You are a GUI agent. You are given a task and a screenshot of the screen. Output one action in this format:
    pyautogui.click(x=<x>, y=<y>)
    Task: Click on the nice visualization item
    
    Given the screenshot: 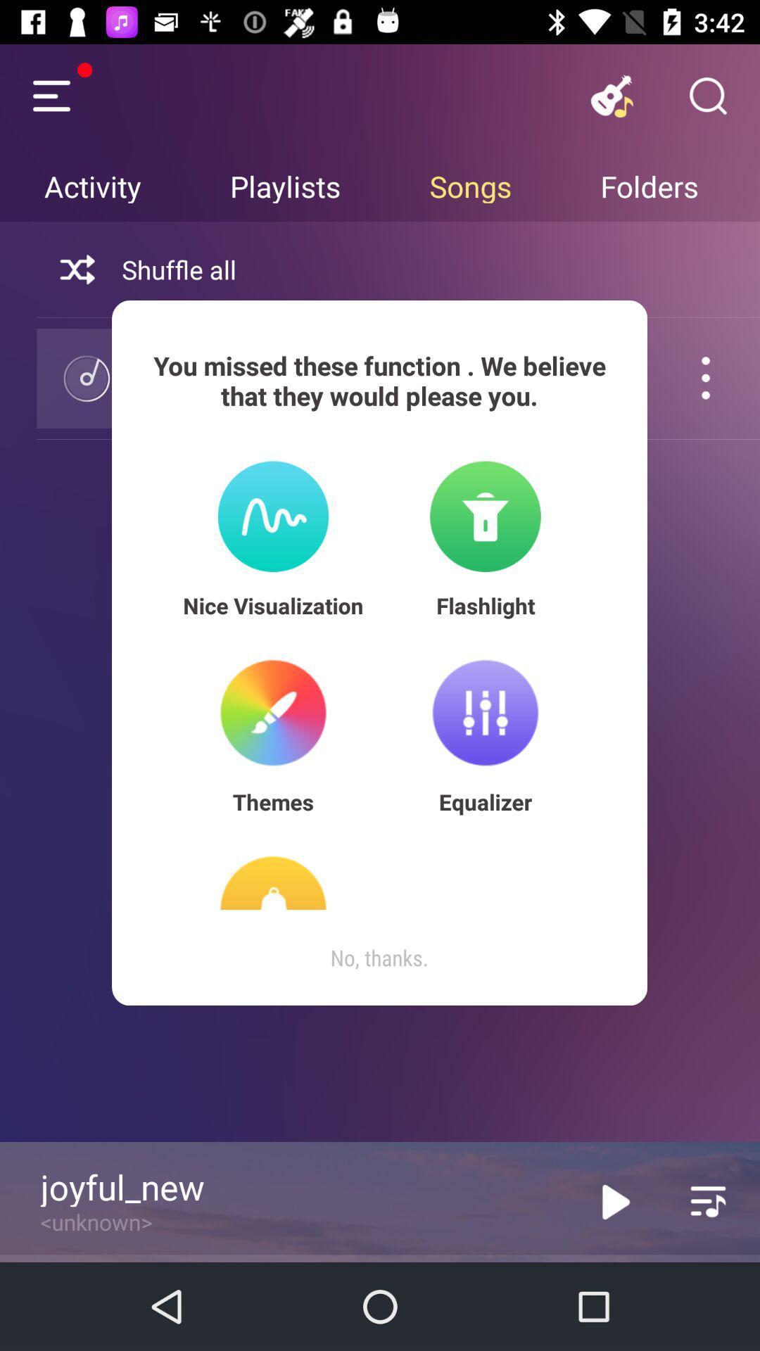 What is the action you would take?
    pyautogui.click(x=273, y=605)
    